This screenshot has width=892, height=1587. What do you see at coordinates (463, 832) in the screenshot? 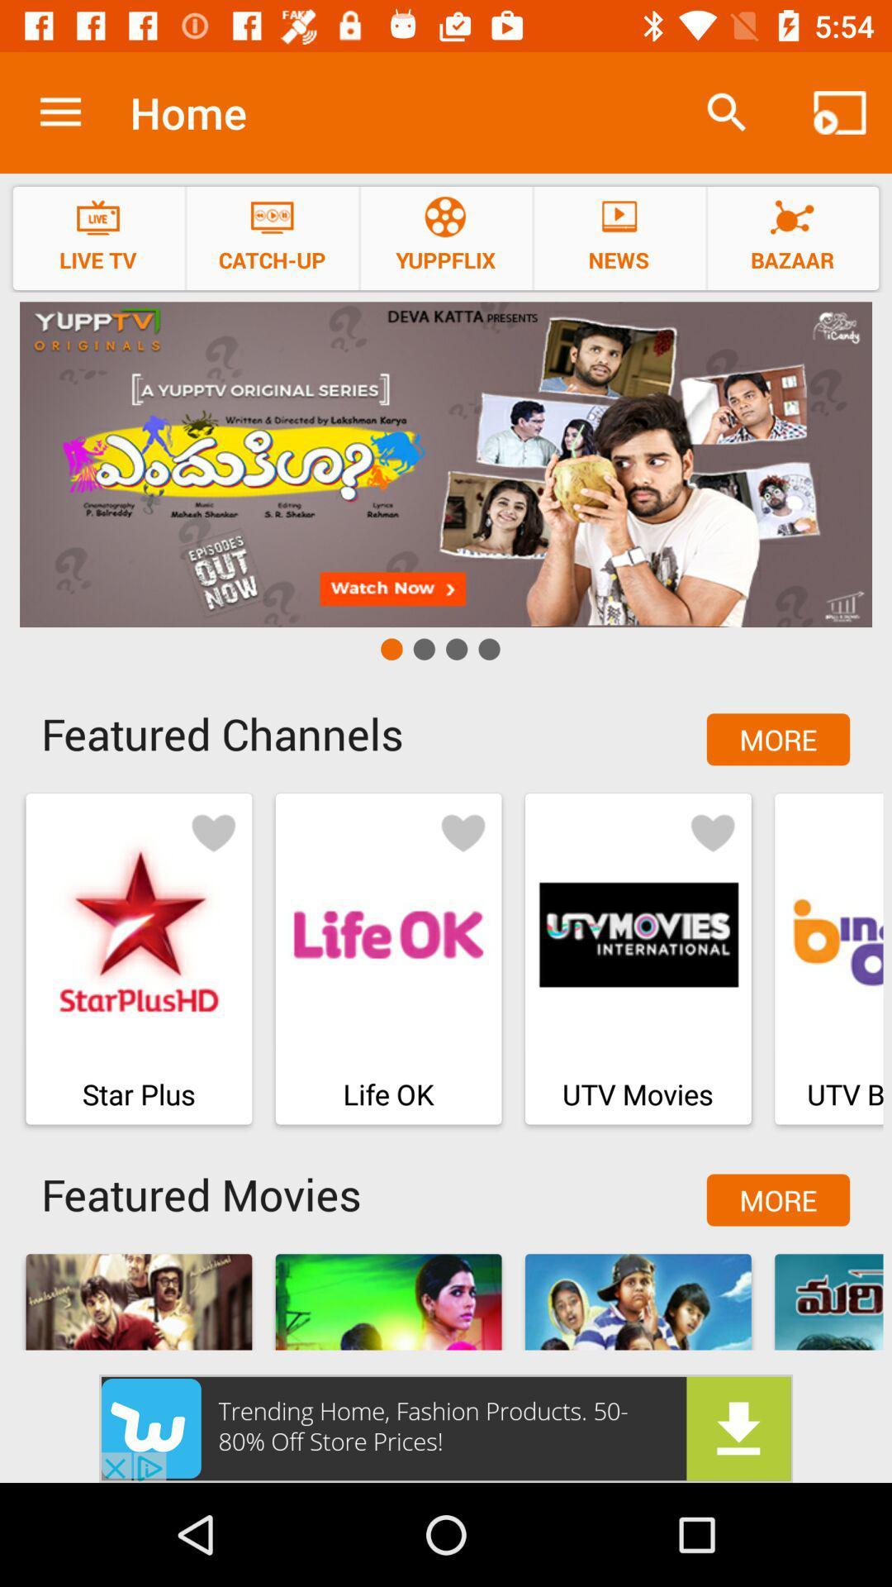
I see `like button` at bounding box center [463, 832].